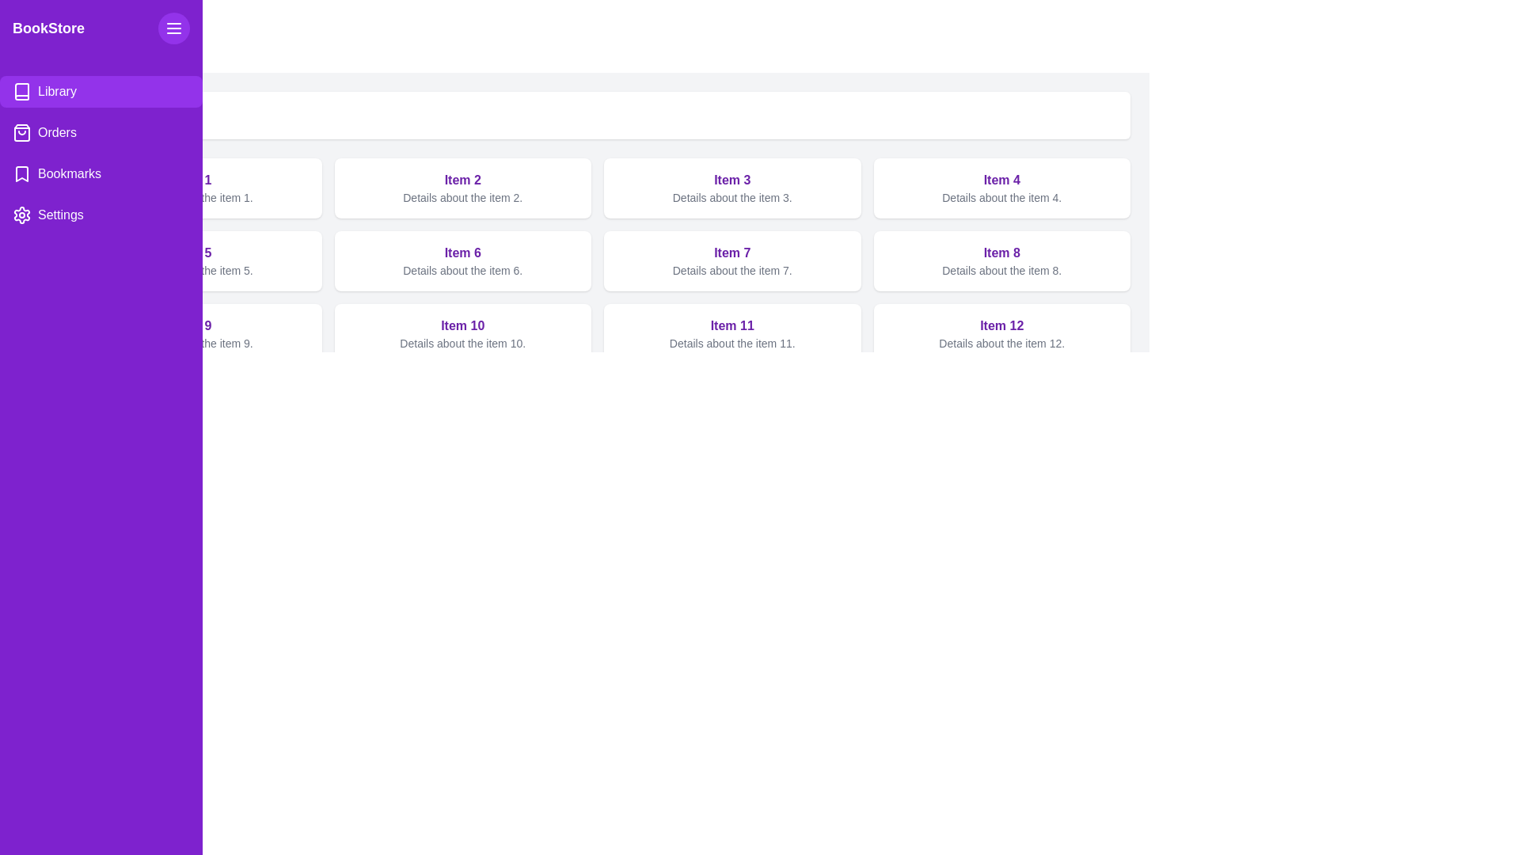  What do you see at coordinates (462, 188) in the screenshot?
I see `the second informational card in the grid layout that presents summarized information about 'Item 2'` at bounding box center [462, 188].